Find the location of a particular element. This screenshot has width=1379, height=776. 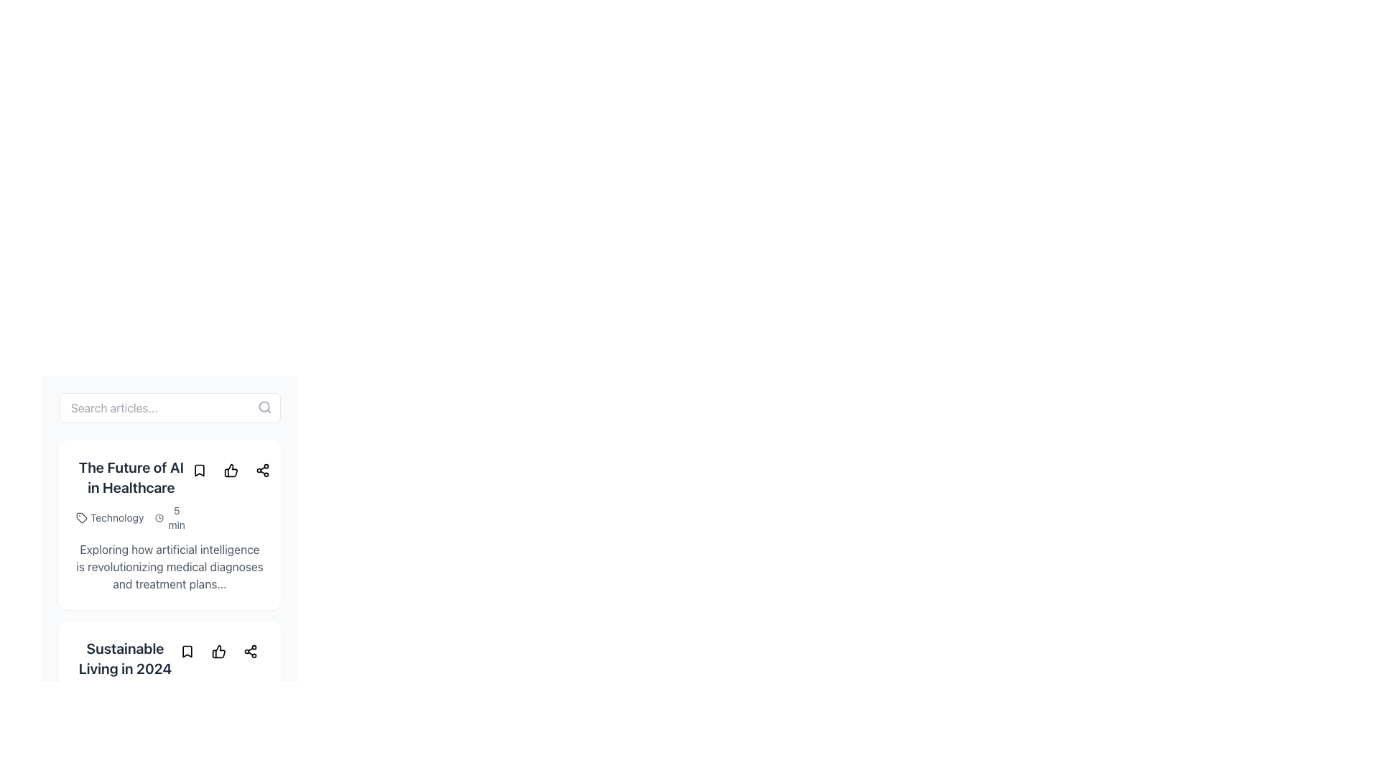

the stylized bookmark icon is located at coordinates (198, 471).